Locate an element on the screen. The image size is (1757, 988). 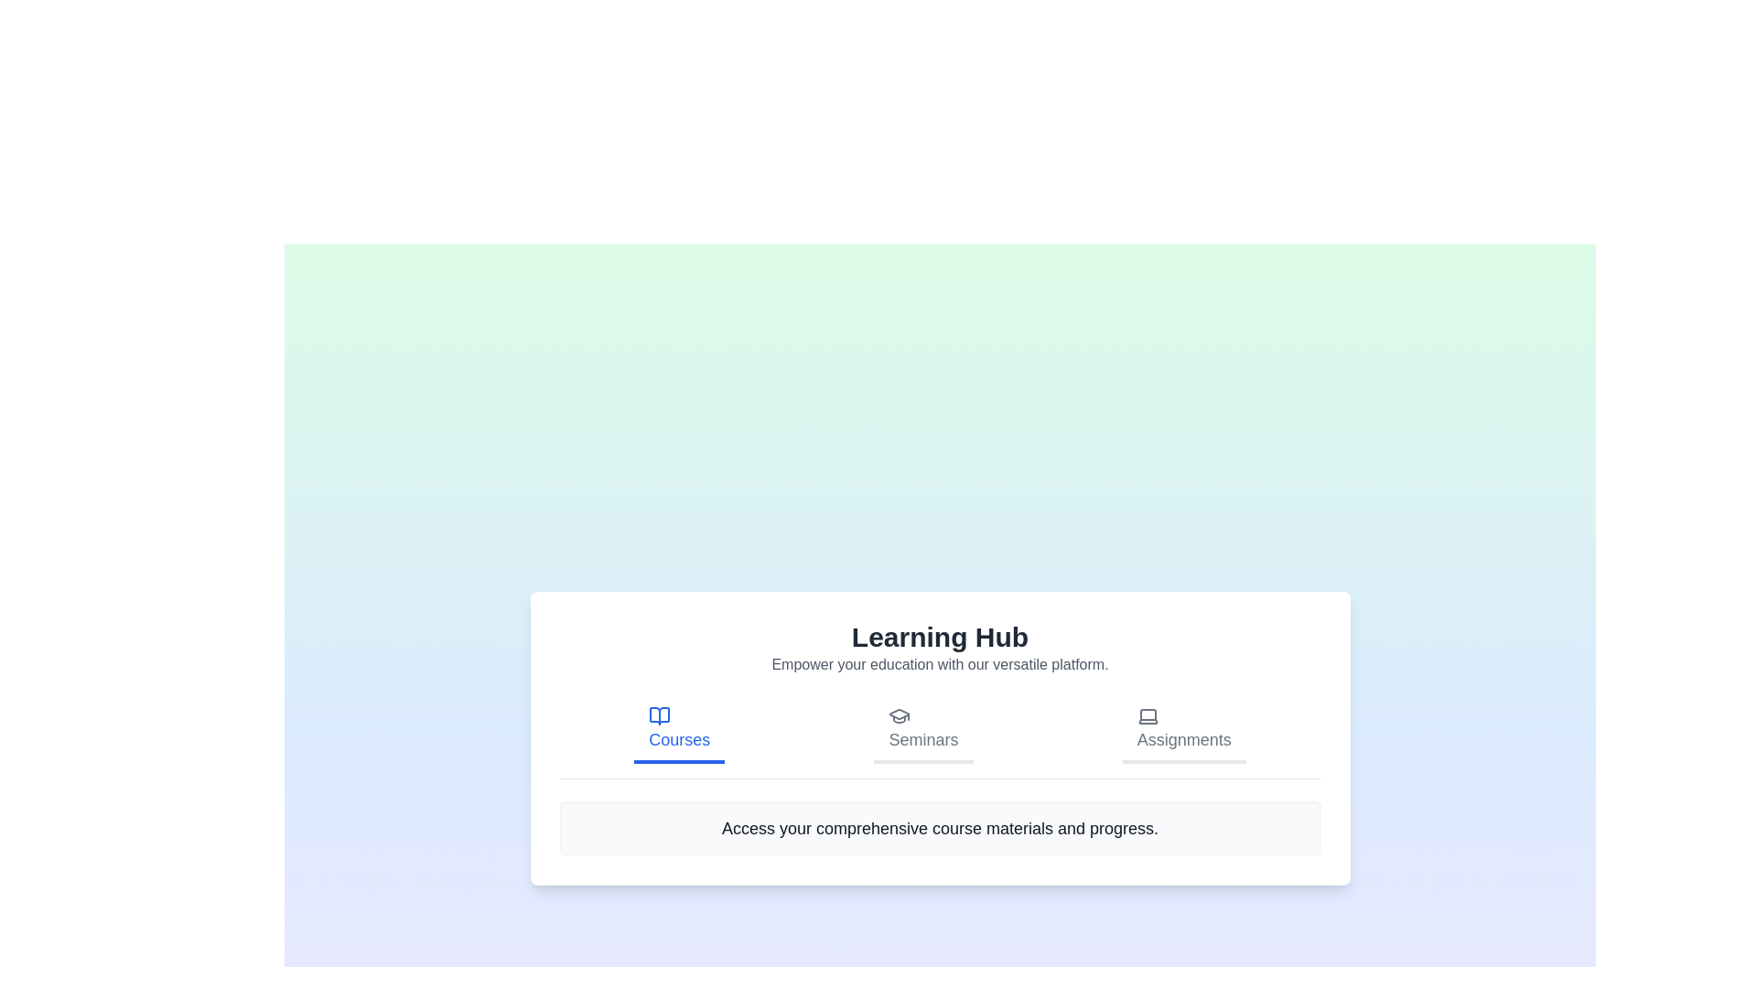
the navigation bar tabs located below the 'Learning Hub' title is located at coordinates (940, 736).